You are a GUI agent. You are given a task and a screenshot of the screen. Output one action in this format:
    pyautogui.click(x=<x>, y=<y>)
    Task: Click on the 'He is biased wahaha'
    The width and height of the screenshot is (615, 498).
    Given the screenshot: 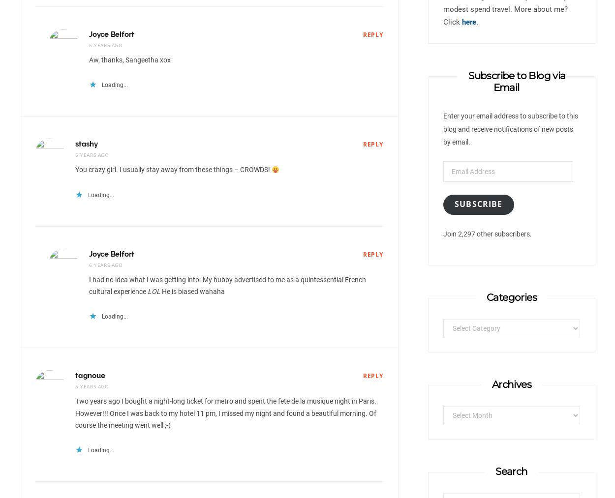 What is the action you would take?
    pyautogui.click(x=159, y=291)
    